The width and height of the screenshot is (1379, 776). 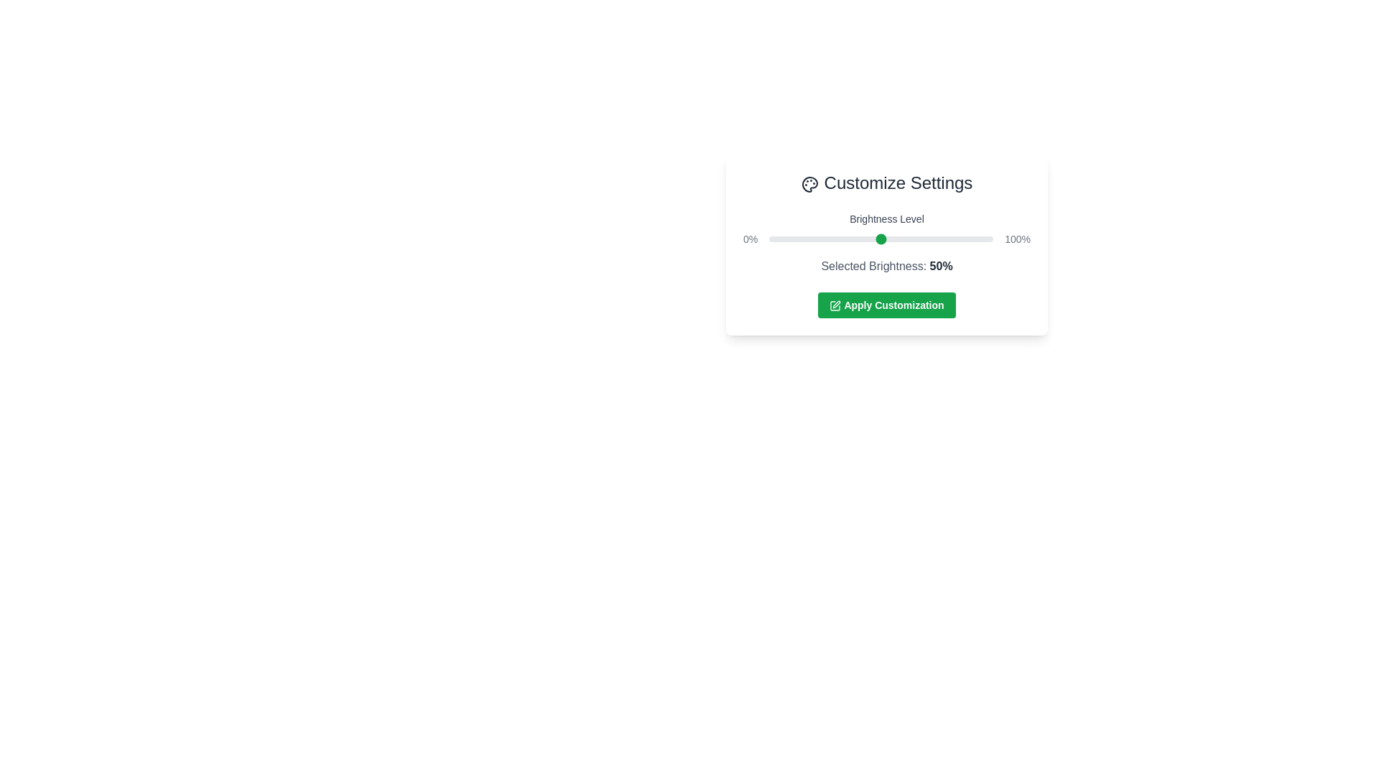 What do you see at coordinates (835, 305) in the screenshot?
I see `the pen and square icon located within the green button labeled 'Apply Customization'` at bounding box center [835, 305].